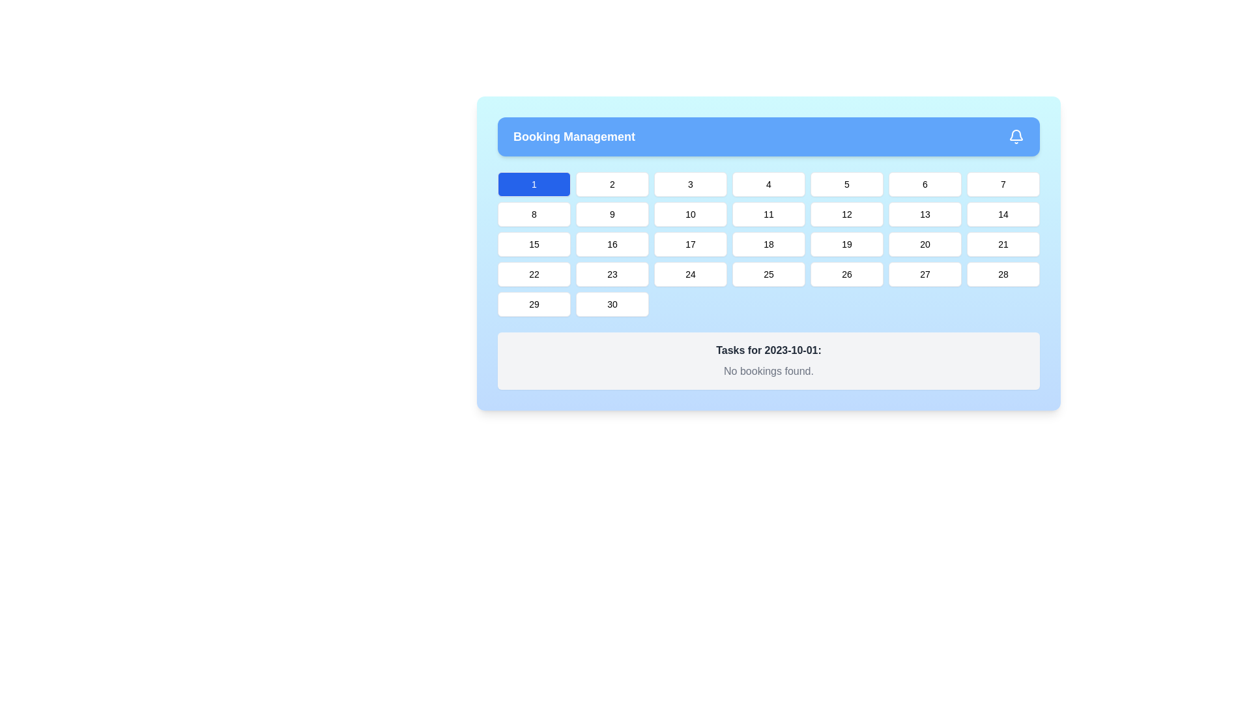  I want to click on the button labeled '12', which is located in the second row and sixth column of the grid layout, directly below the button labeled '5' and adjacent to '11' and '13', so click(847, 213).